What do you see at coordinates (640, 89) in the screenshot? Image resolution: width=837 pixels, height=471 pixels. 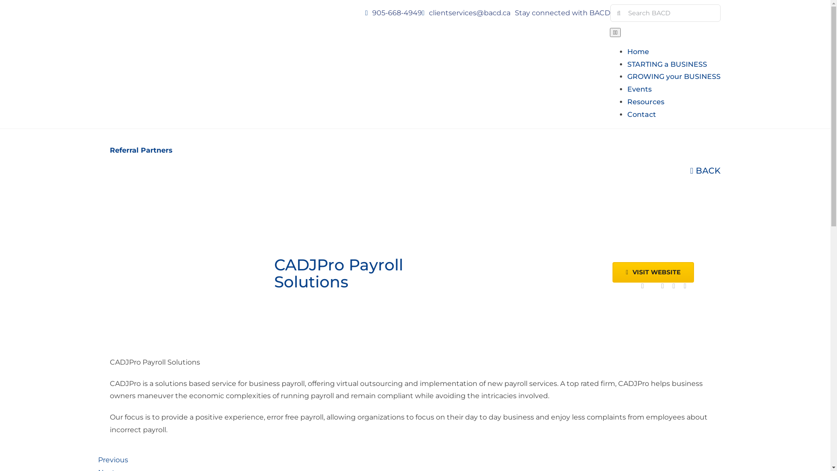 I see `'Events'` at bounding box center [640, 89].